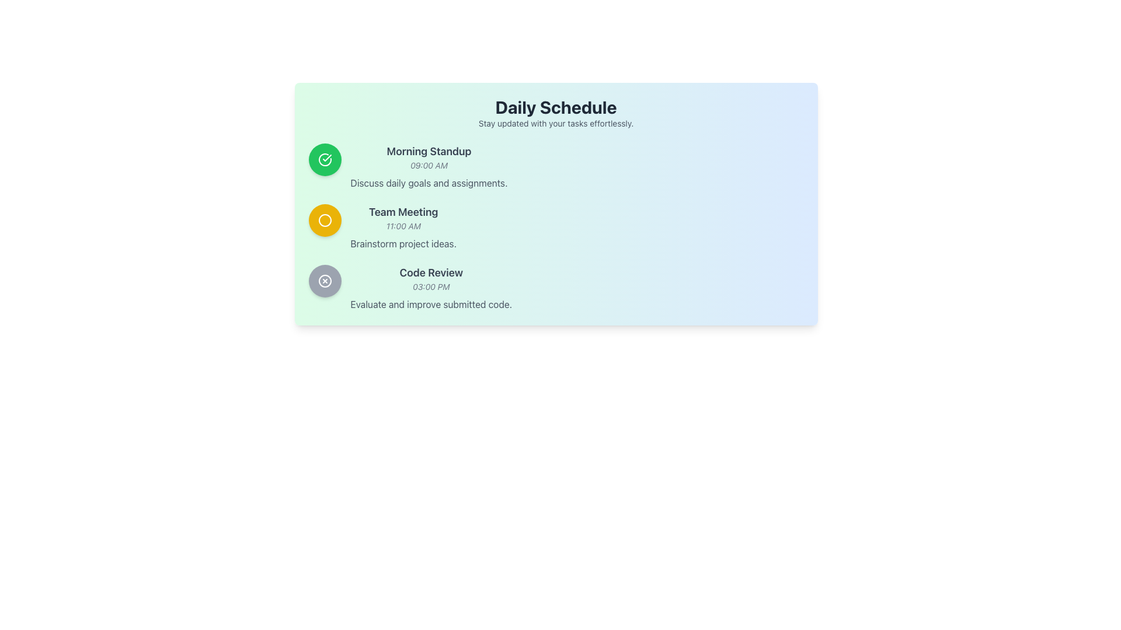  What do you see at coordinates (325, 159) in the screenshot?
I see `the green circular icon with a white checkmark located at the top of the 'Daily Schedule' card, adjacent to the 'Morning Standup' label` at bounding box center [325, 159].